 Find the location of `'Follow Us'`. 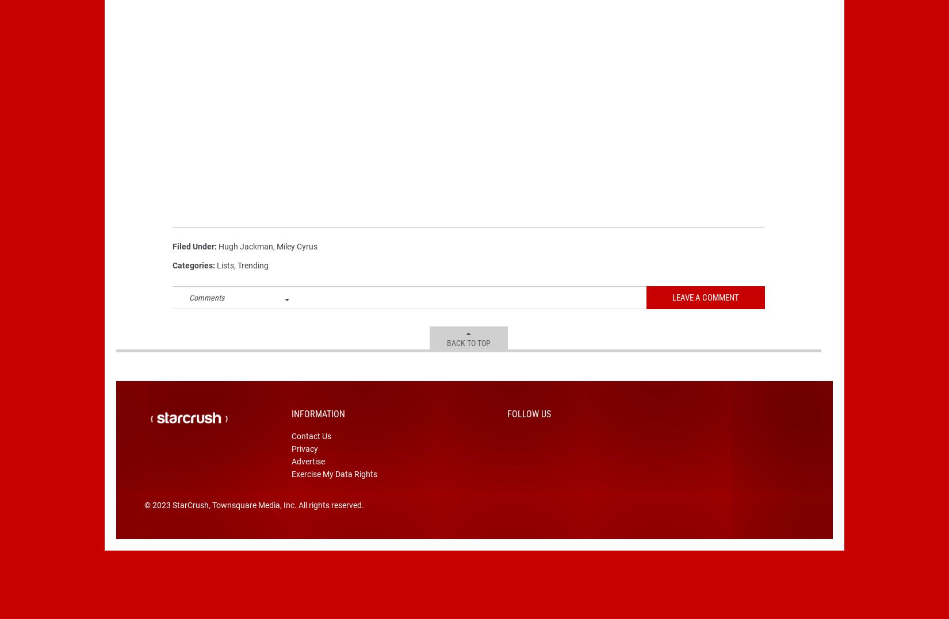

'Follow Us' is located at coordinates (507, 431).